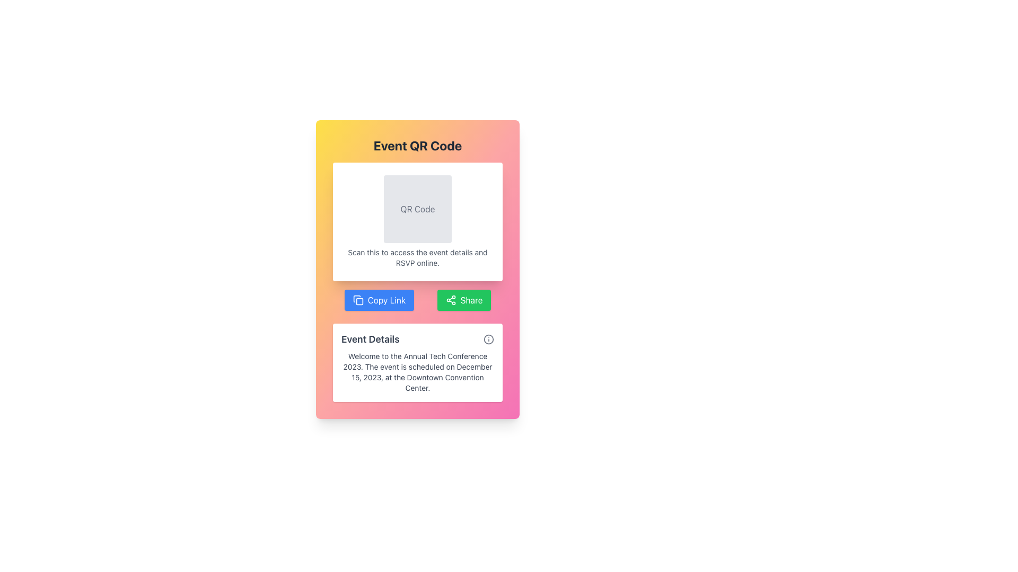  What do you see at coordinates (417, 145) in the screenshot?
I see `the prominently styled header displaying 'Event QR Code' in bold and large font, which is centrally aligned within a gradient background of yellow to pink` at bounding box center [417, 145].